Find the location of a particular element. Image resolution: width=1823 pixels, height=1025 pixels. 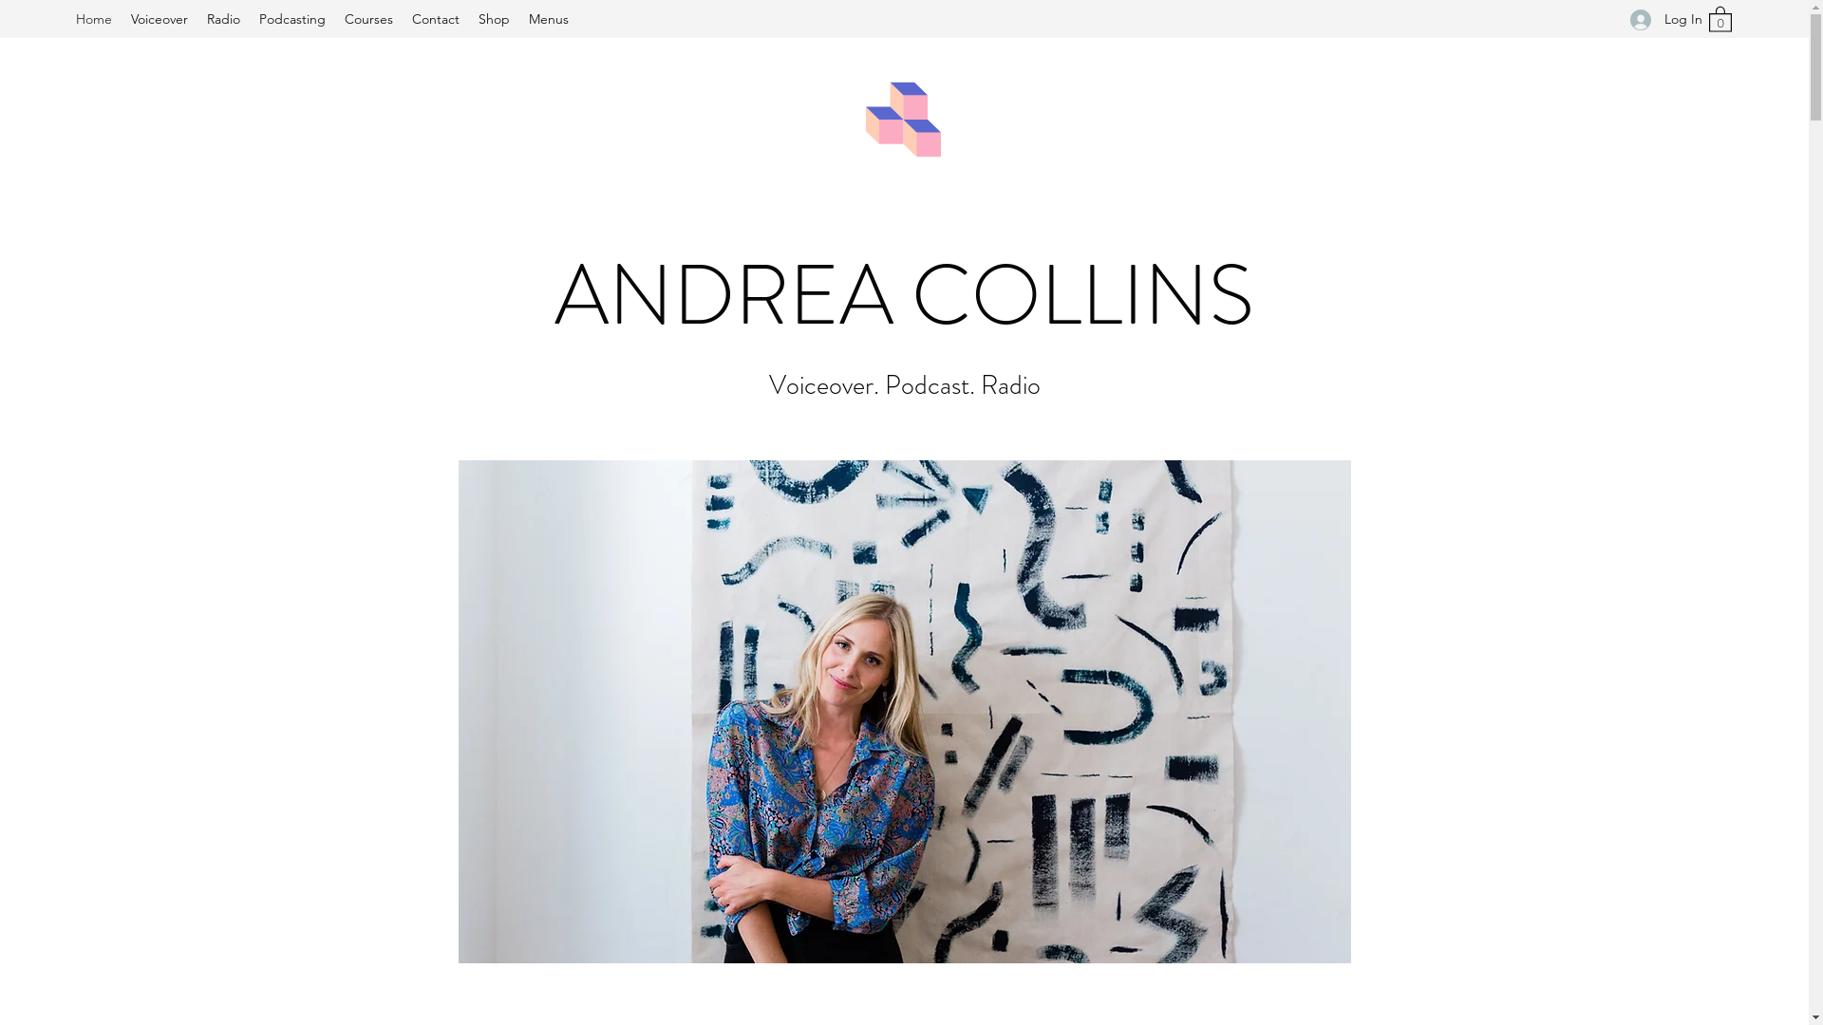

'Voiceover' is located at coordinates (121, 18).